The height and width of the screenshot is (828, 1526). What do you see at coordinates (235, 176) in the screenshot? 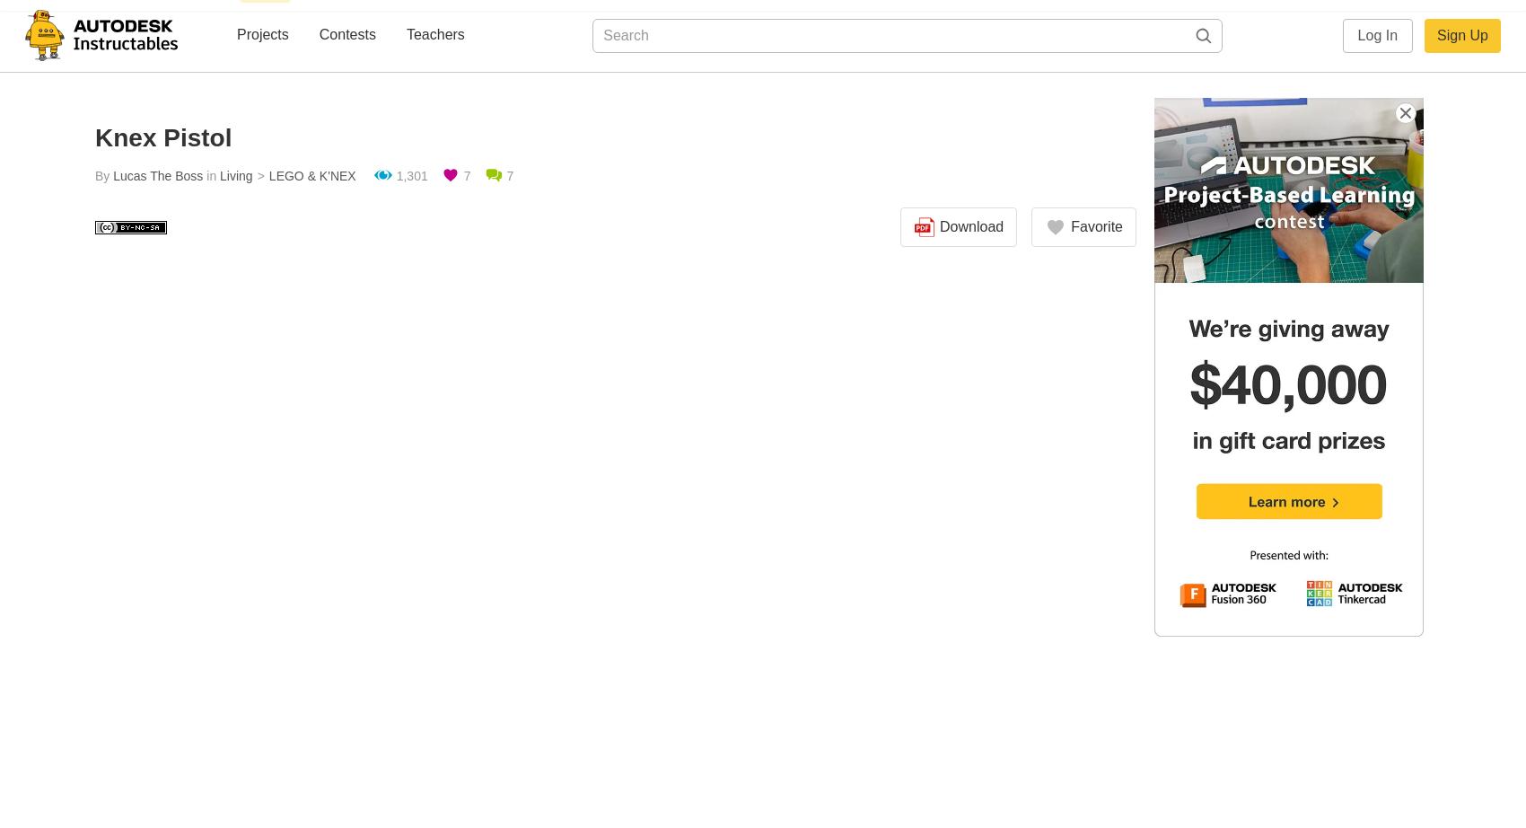
I see `'Living'` at bounding box center [235, 176].